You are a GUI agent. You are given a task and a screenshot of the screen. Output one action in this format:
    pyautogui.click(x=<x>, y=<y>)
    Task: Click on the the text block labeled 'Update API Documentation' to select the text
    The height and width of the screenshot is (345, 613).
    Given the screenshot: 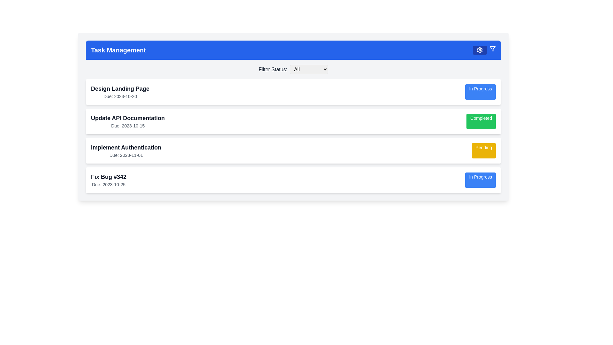 What is the action you would take?
    pyautogui.click(x=128, y=121)
    